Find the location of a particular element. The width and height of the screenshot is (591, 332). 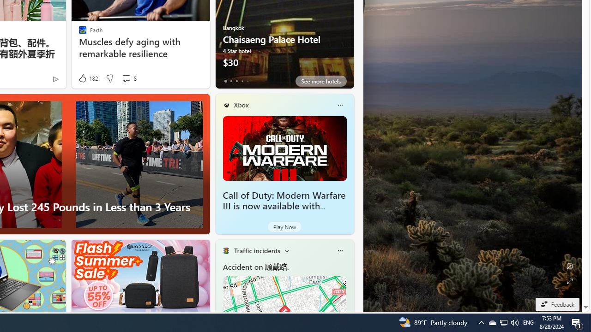

'More options' is located at coordinates (339, 250).